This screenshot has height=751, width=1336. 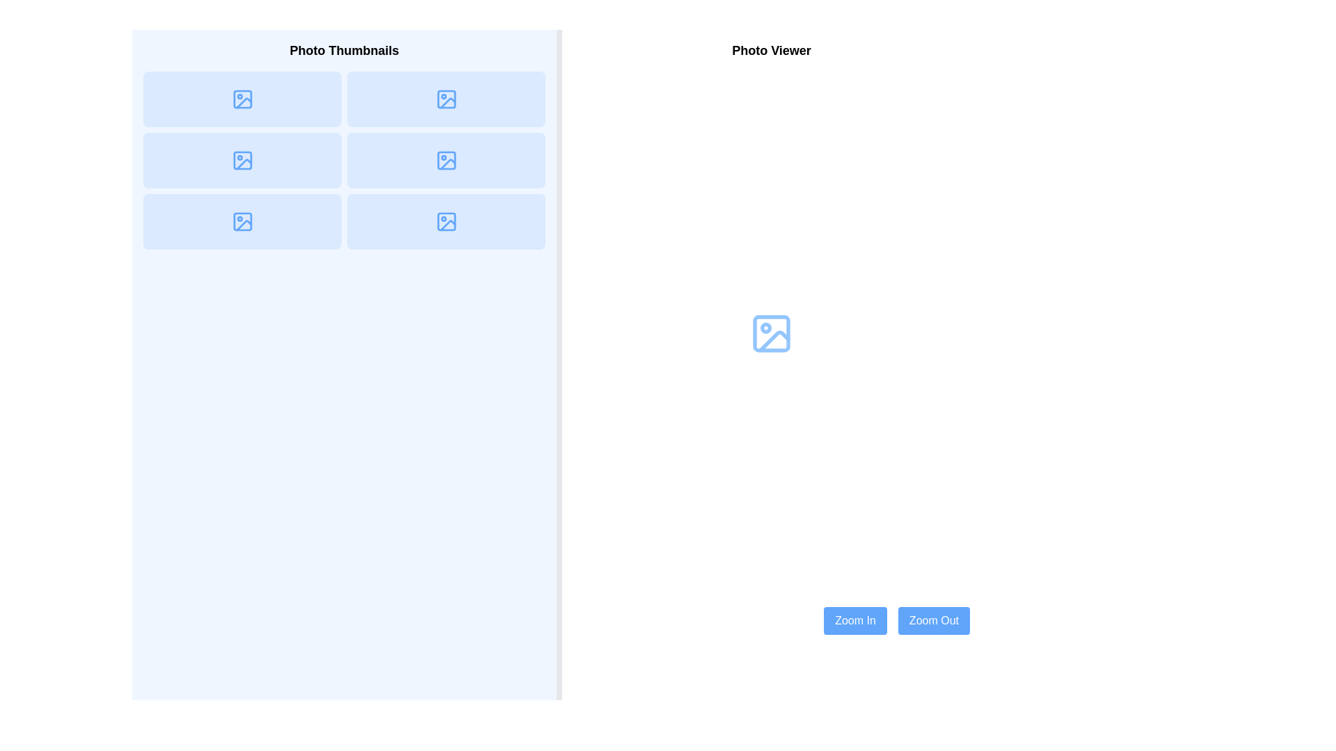 What do you see at coordinates (446, 98) in the screenshot?
I see `the image placeholder located in the top-right position within a grid layout in the left section of the interface` at bounding box center [446, 98].